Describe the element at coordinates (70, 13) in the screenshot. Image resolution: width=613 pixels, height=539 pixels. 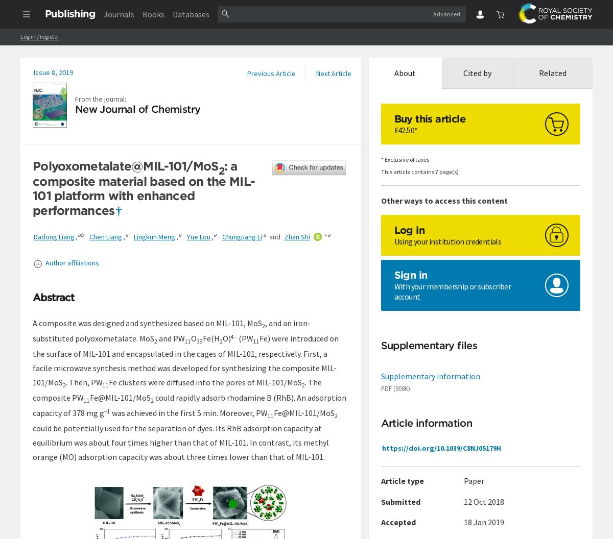
I see `'Publishing'` at that location.